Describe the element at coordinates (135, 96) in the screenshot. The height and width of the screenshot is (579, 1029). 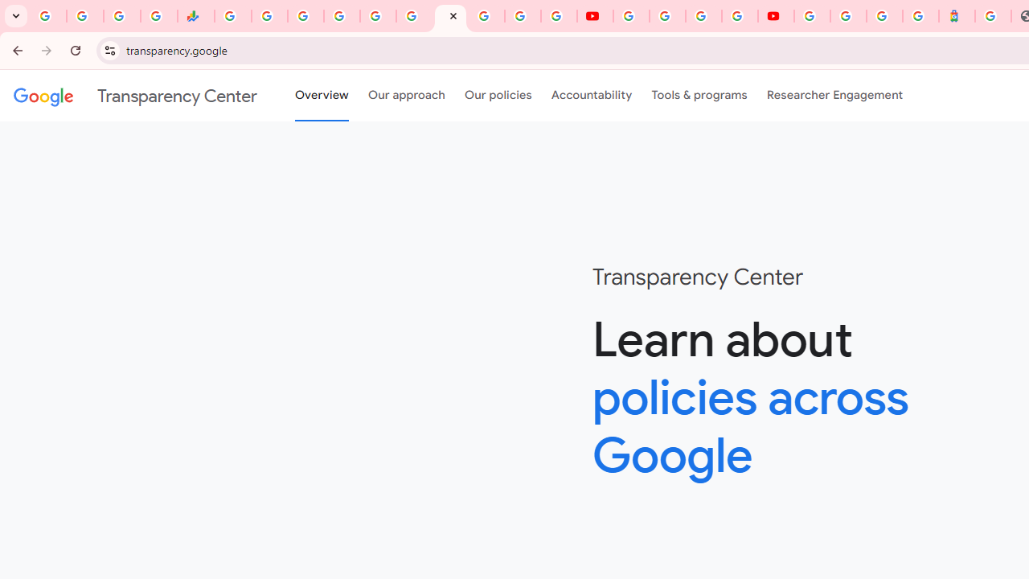
I see `'Transparency Center'` at that location.